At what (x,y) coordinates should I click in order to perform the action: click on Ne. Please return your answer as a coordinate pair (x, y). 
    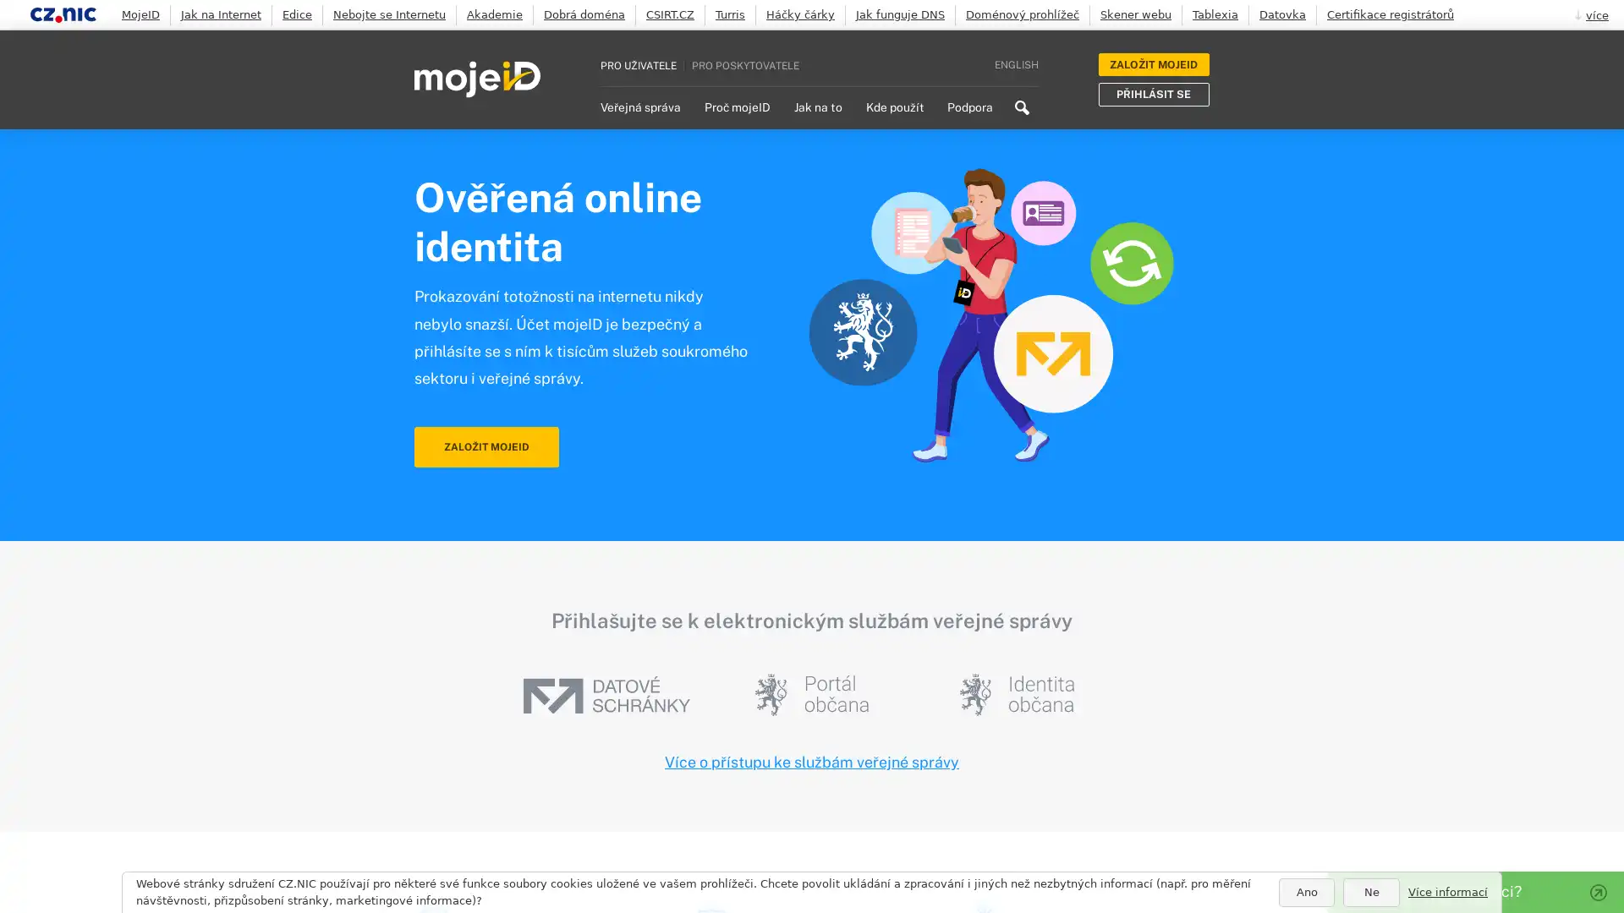
    Looking at the image, I should click on (1371, 892).